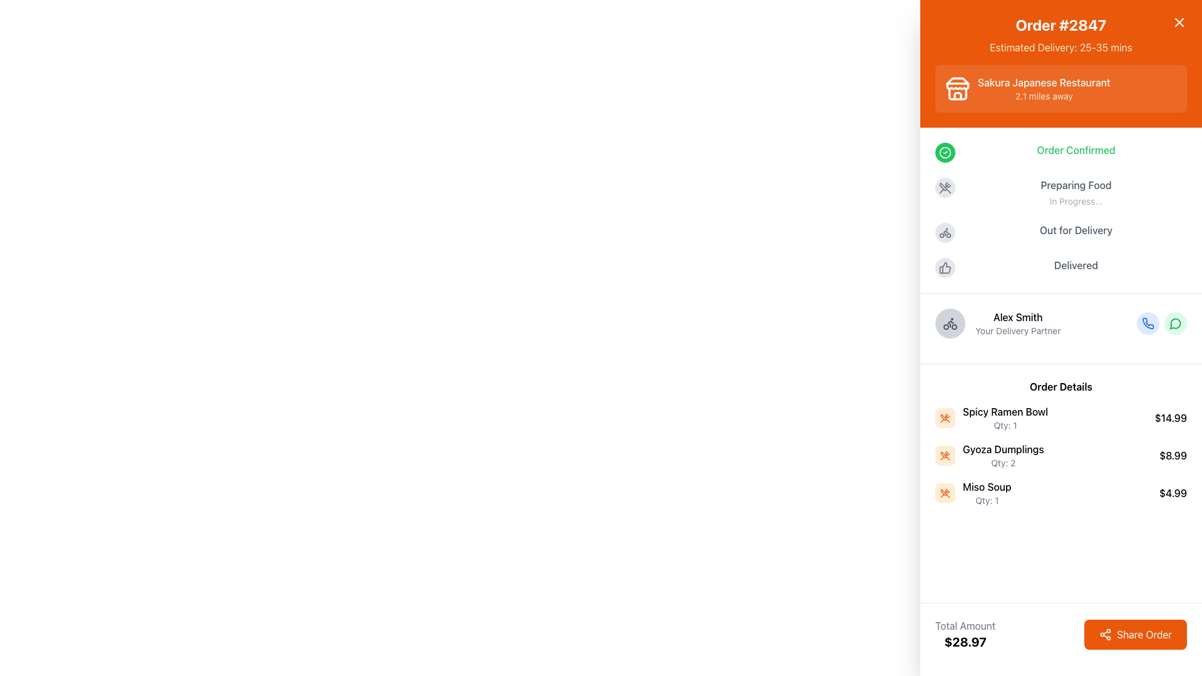  Describe the element at coordinates (1060, 232) in the screenshot. I see `status text of the Progress tracker status item which displays 'Out for Delivery', positioned to the right of a circled bicycle icon` at that location.